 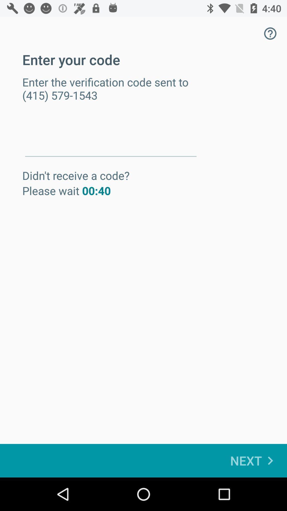 I want to click on item below enter the verification, so click(x=110, y=138).